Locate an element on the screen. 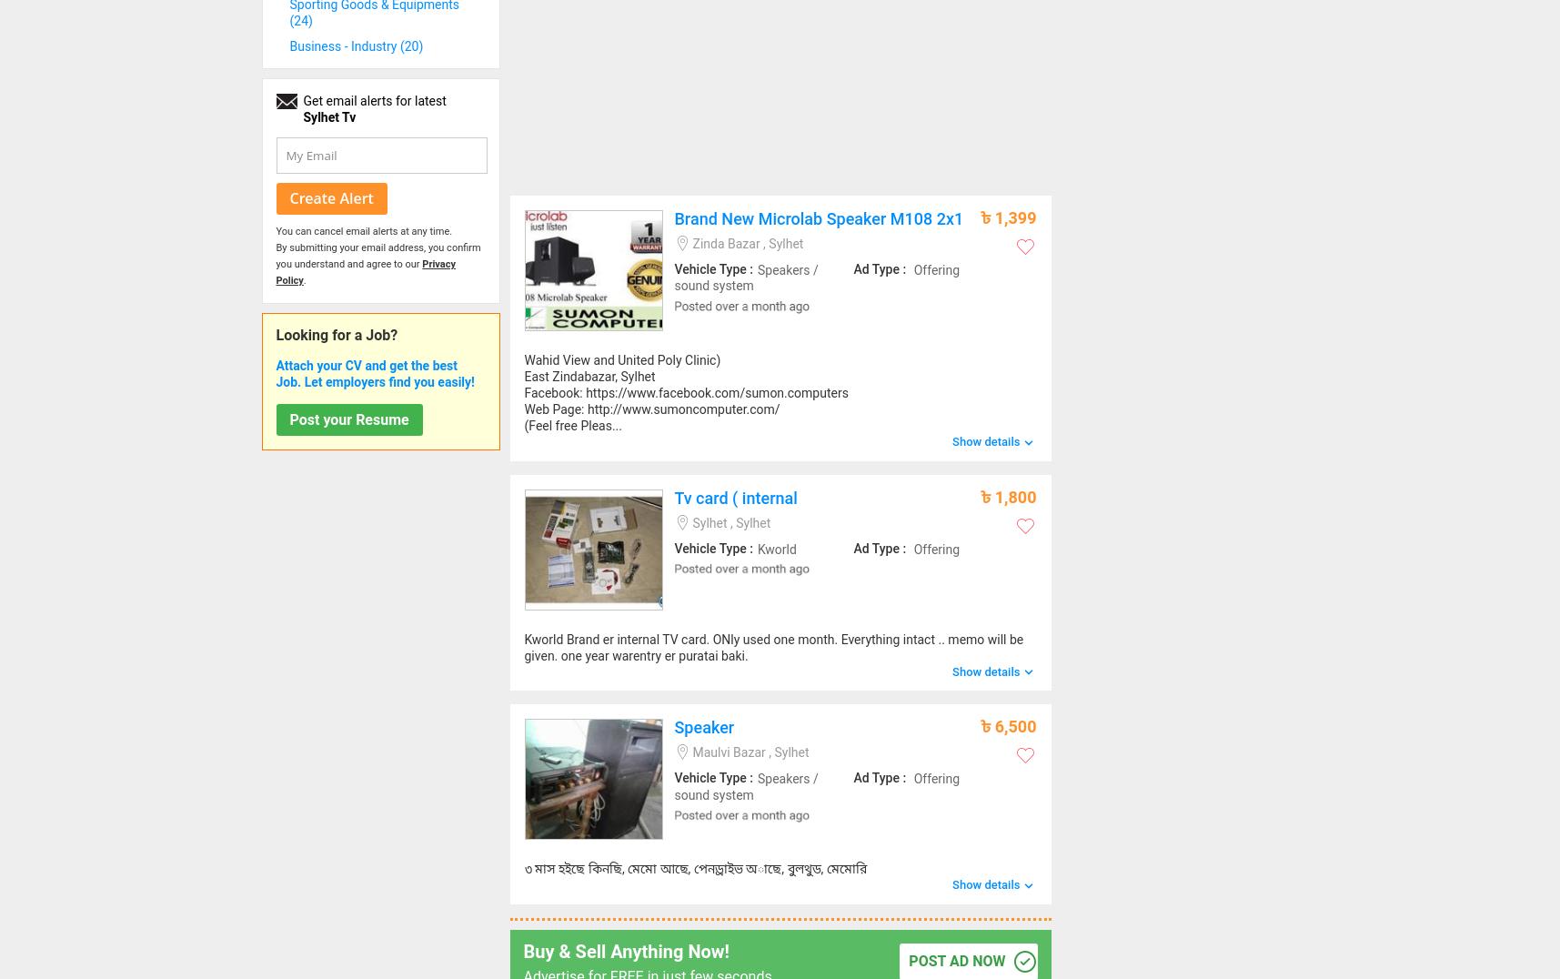  'Kworld' is located at coordinates (776, 548).